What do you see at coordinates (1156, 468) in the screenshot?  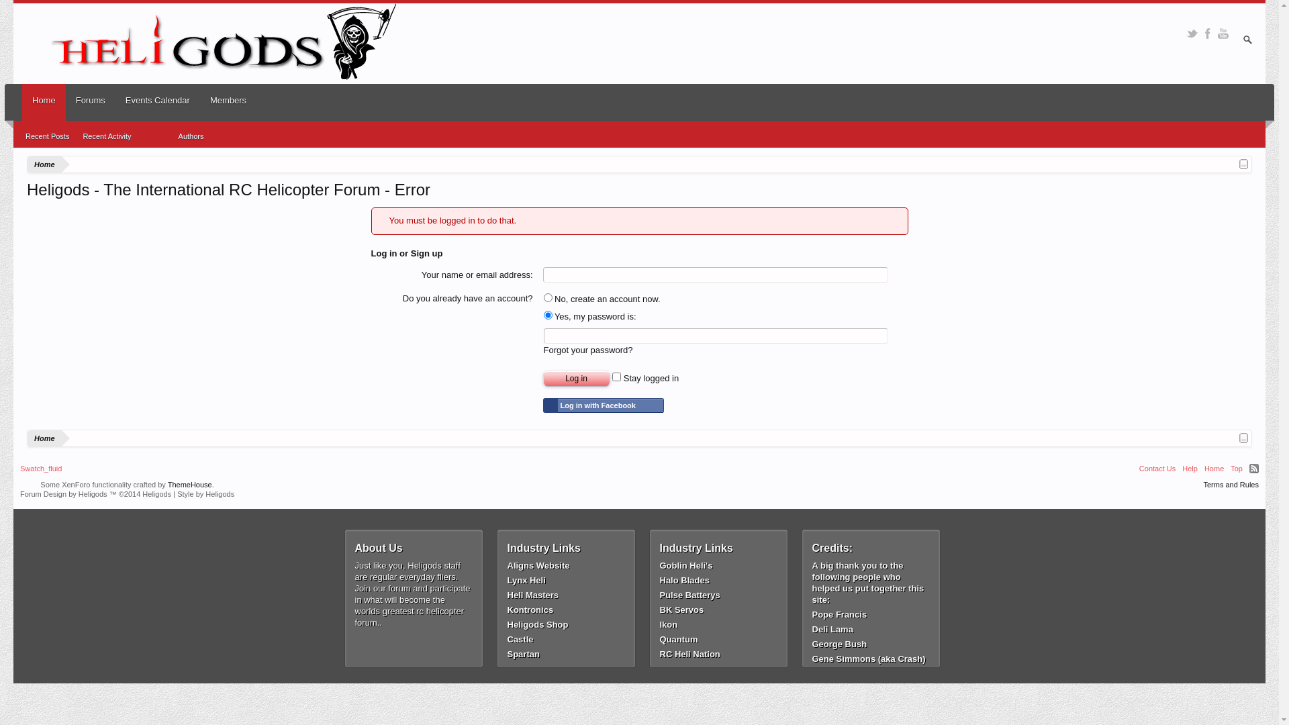 I see `'Contact Us'` at bounding box center [1156, 468].